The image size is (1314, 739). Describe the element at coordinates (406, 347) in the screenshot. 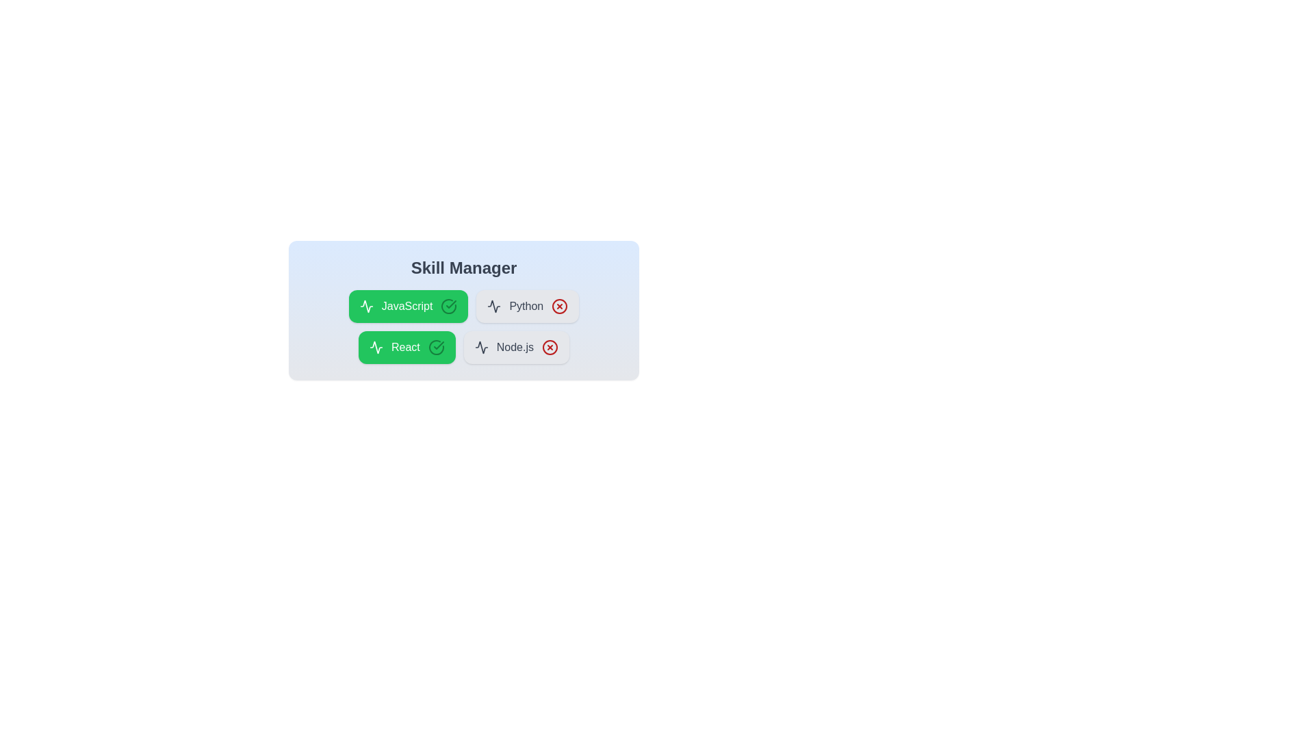

I see `the skill chip labeled 'React' to toggle its activation status` at that location.